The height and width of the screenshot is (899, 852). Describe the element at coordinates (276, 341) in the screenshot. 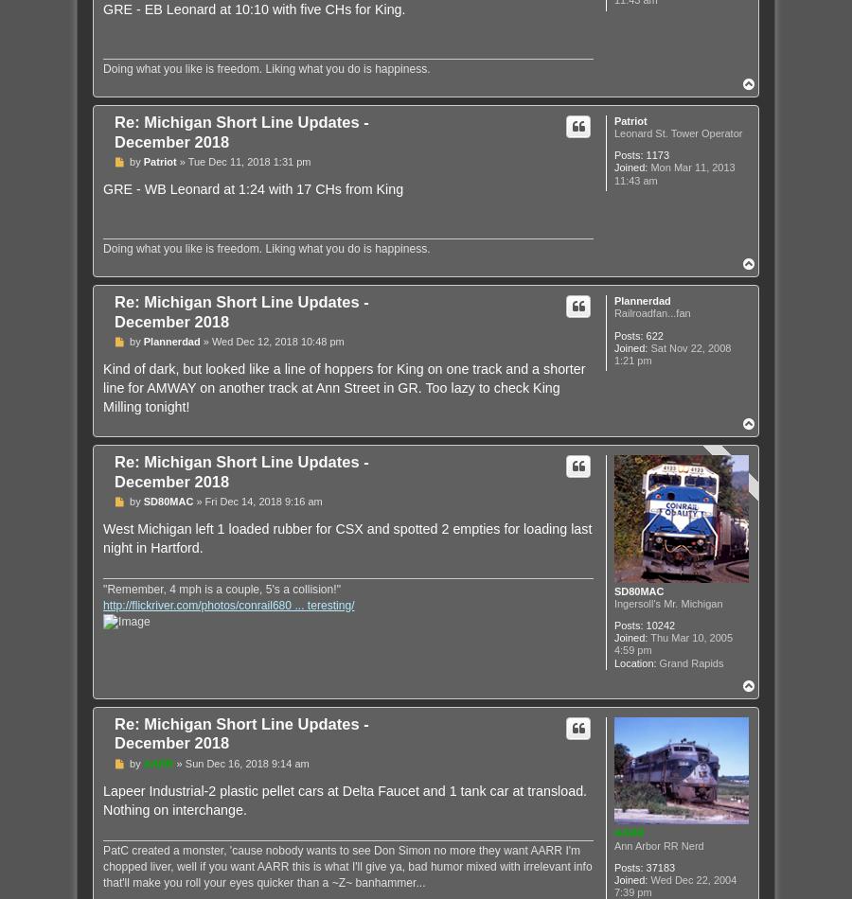

I see `'Wed Dec 12, 2018 10:48 pm'` at that location.